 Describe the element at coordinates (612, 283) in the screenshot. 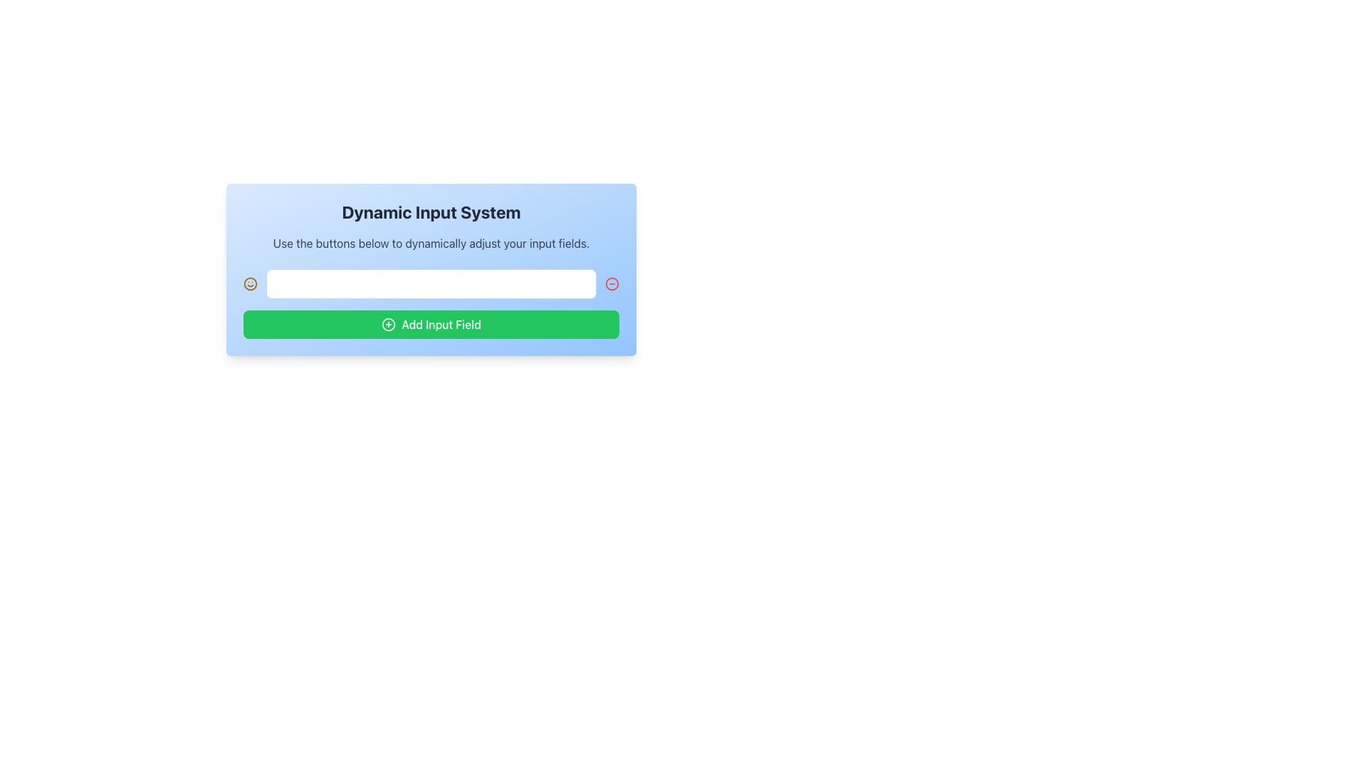

I see `the circular outline element within the SVG component, which is positioned near the input field on the right side of the form` at that location.